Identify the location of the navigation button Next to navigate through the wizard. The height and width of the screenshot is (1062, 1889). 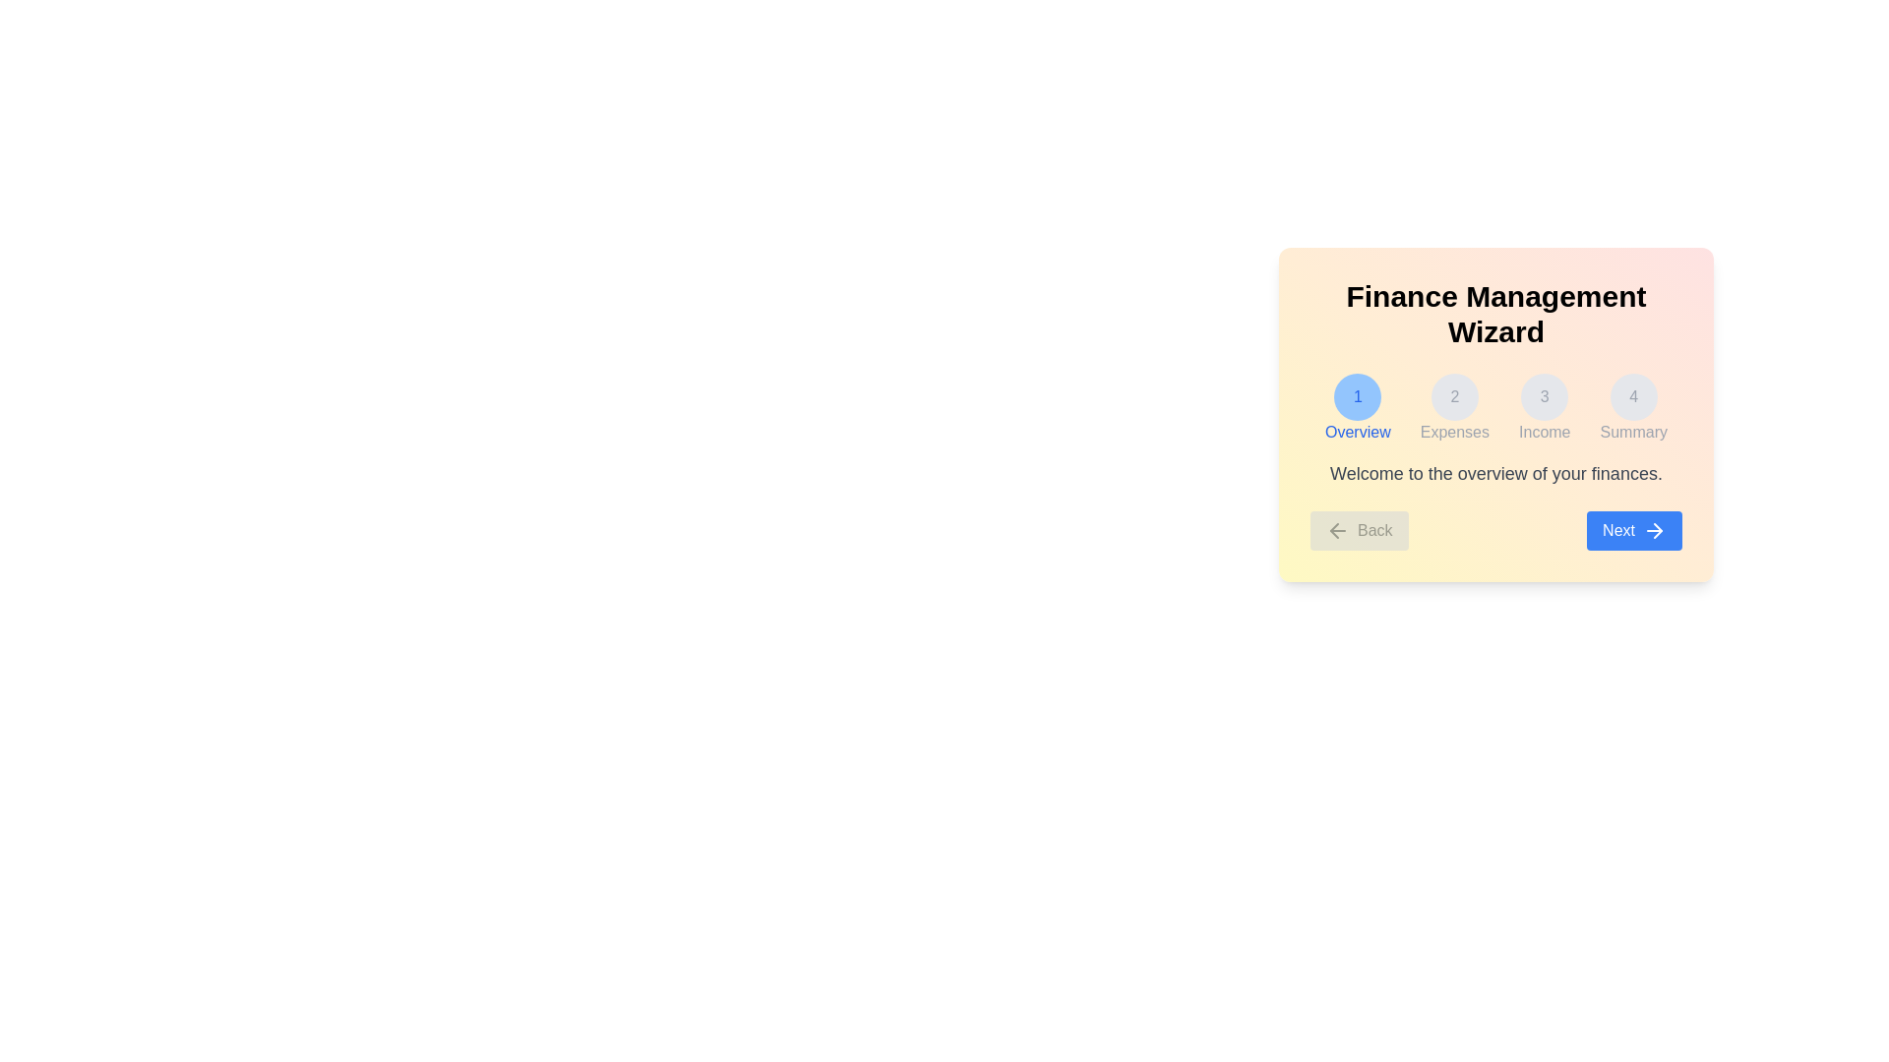
(1634, 531).